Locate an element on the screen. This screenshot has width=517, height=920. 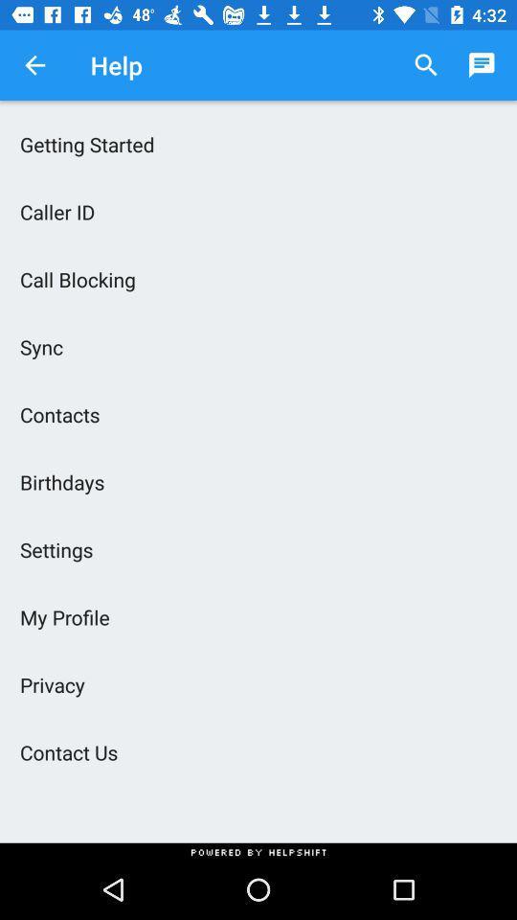
item below settings is located at coordinates (258, 616).